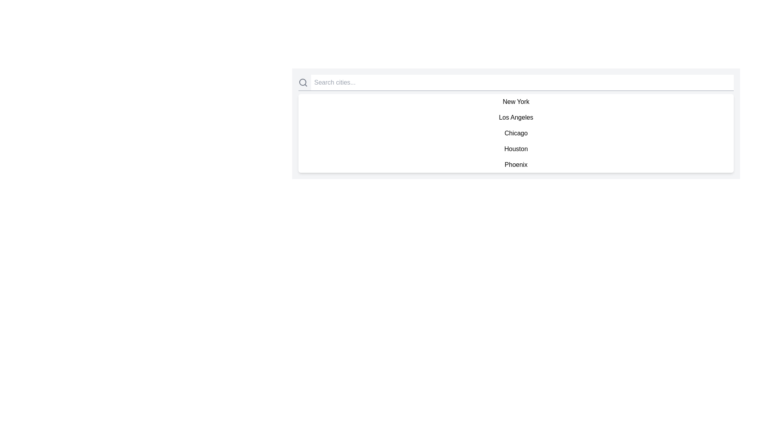  I want to click on the list item labeled 'Houston', which is the fourth entry in the vertical list of city names, so click(516, 149).